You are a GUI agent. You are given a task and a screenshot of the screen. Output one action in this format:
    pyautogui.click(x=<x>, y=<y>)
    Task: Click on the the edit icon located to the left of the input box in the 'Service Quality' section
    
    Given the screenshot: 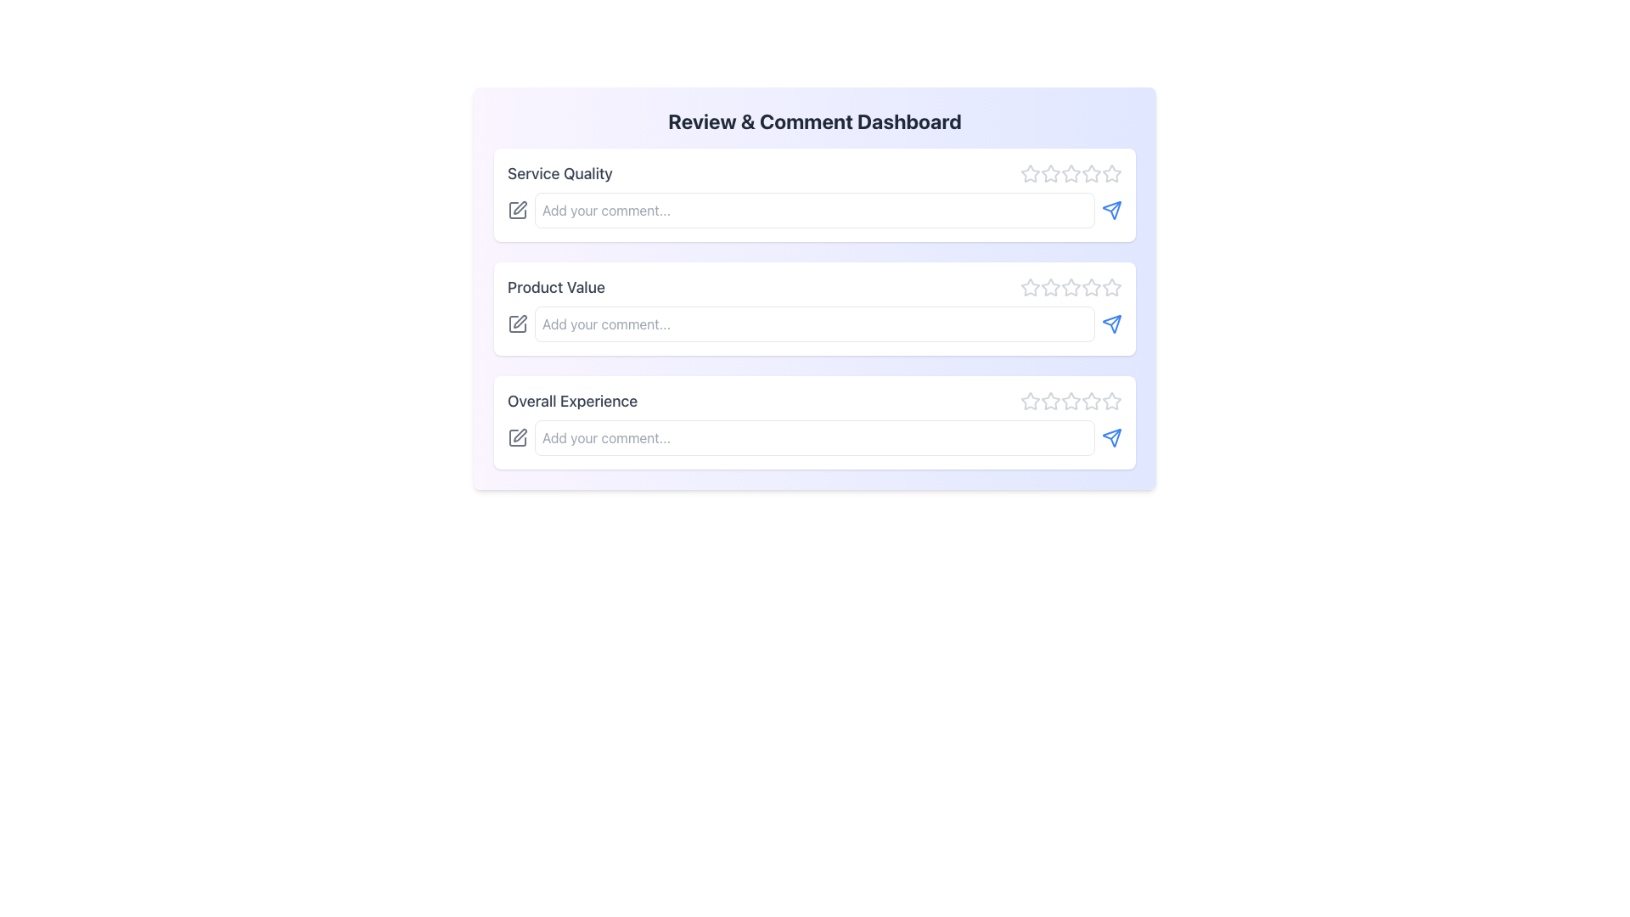 What is the action you would take?
    pyautogui.click(x=516, y=209)
    